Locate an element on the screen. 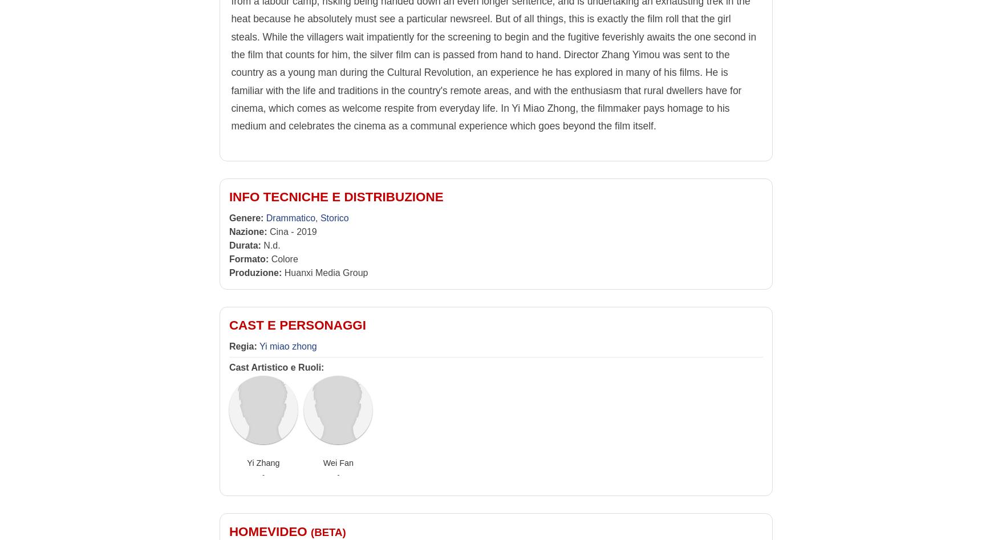  '(beta)' is located at coordinates (328, 531).